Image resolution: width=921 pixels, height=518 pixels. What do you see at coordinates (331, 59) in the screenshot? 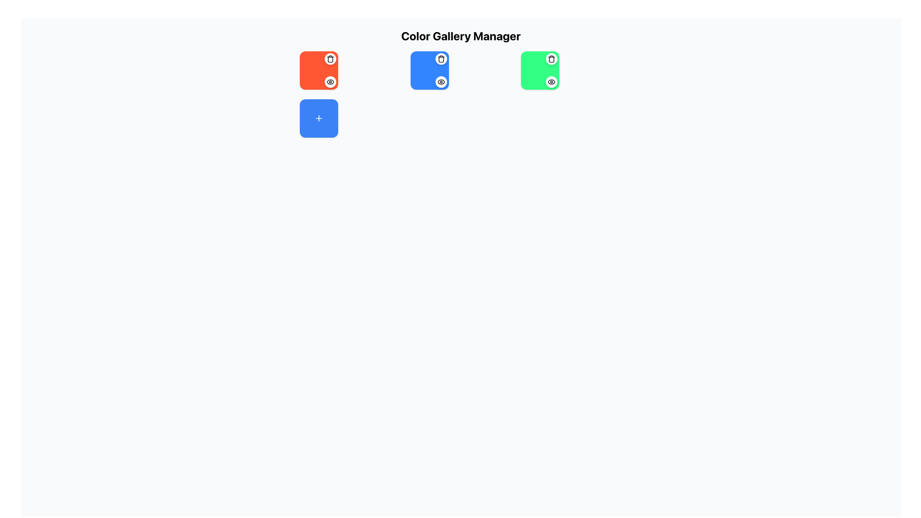
I see `the trash bin icon button, which is styled as a circular button with a white background located at the top-right corner of a red square block` at bounding box center [331, 59].